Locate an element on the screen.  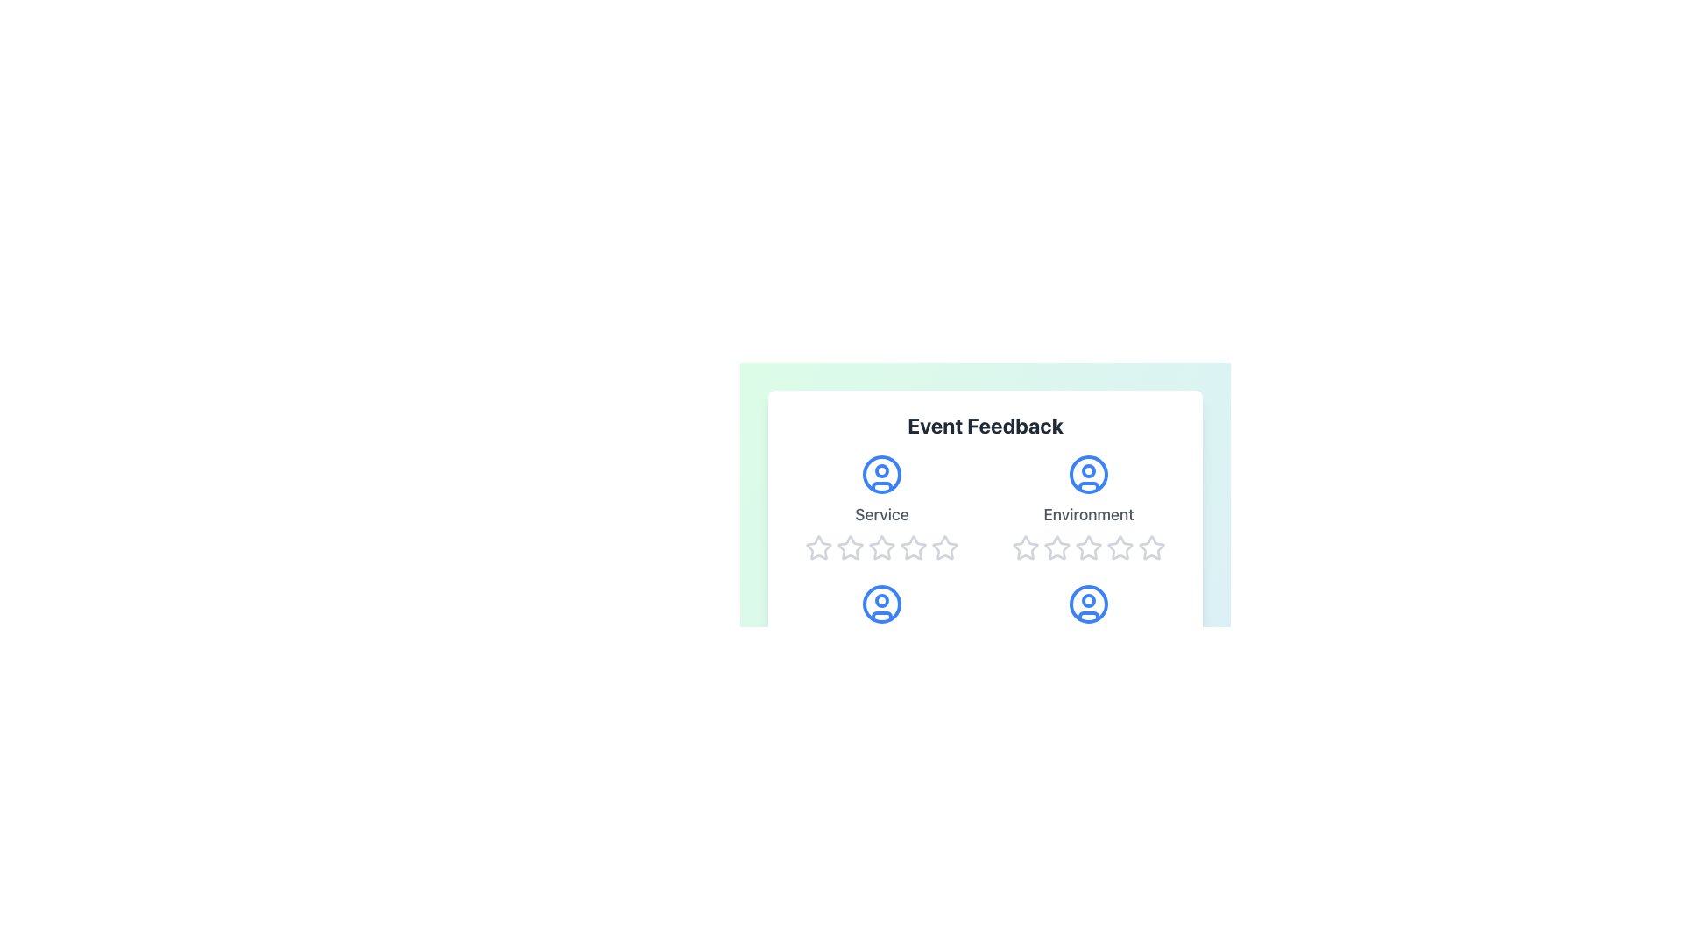
the 'Service' feedback category icon, which is located above the 'Service' rating section in the feedback interface is located at coordinates (882, 475).